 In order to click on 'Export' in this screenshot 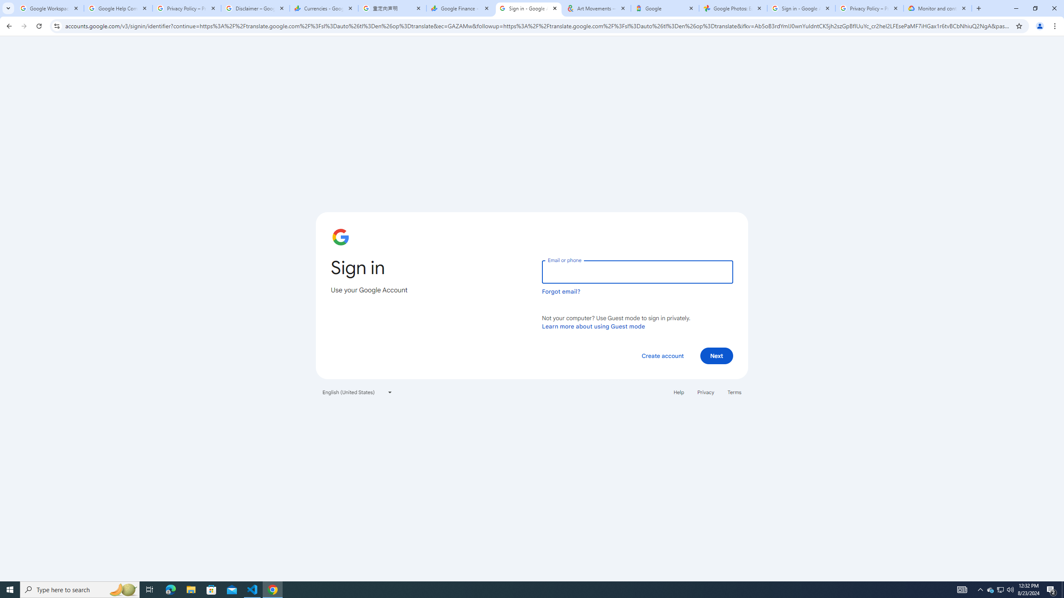, I will do `click(43, 391)`.